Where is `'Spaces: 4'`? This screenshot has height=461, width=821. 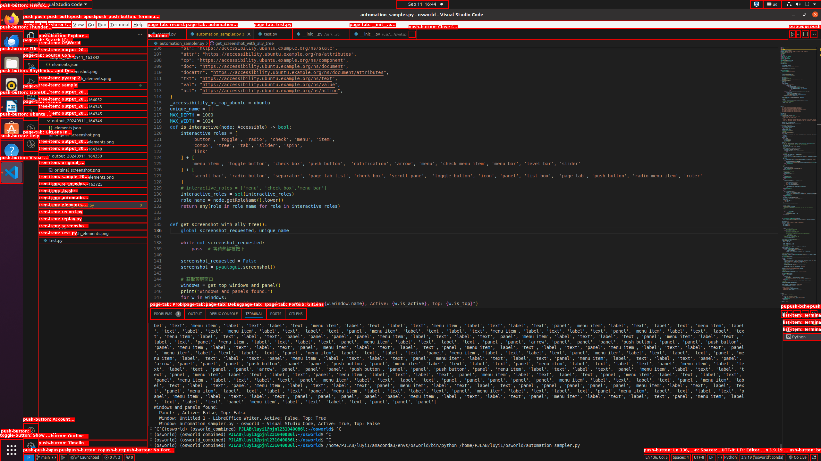
'Spaces: 4' is located at coordinates (680, 457).